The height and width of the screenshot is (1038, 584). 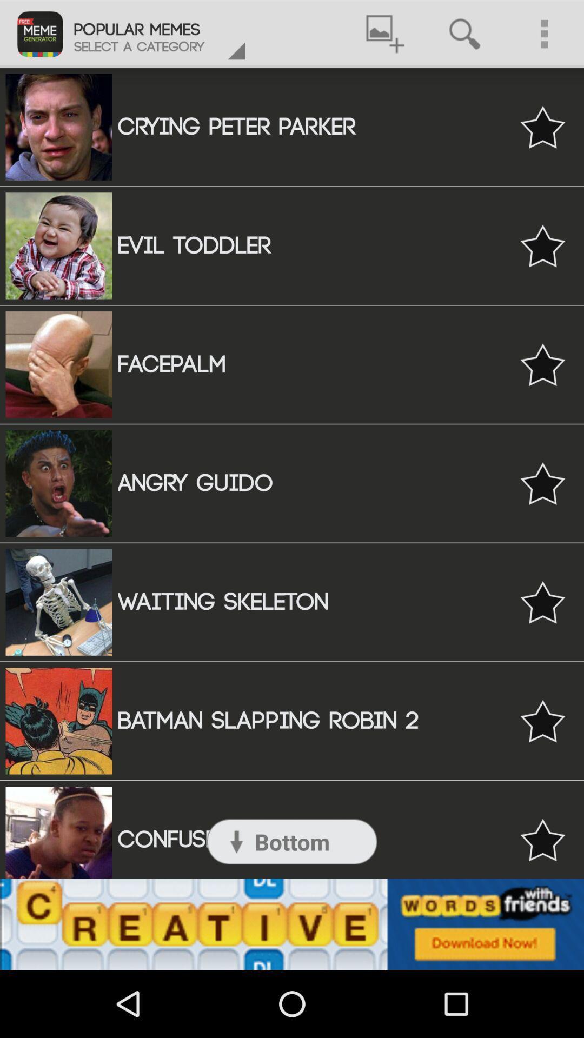 I want to click on to favorites, so click(x=542, y=602).